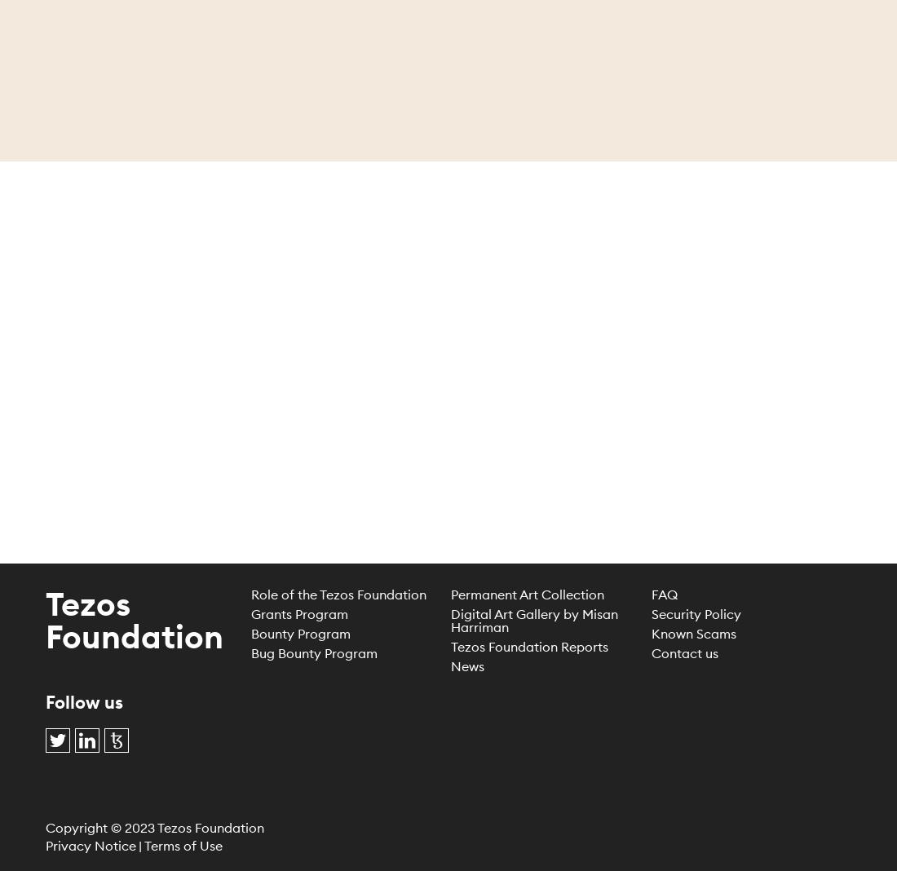 Image resolution: width=897 pixels, height=871 pixels. What do you see at coordinates (133, 635) in the screenshot?
I see `'Foundation'` at bounding box center [133, 635].